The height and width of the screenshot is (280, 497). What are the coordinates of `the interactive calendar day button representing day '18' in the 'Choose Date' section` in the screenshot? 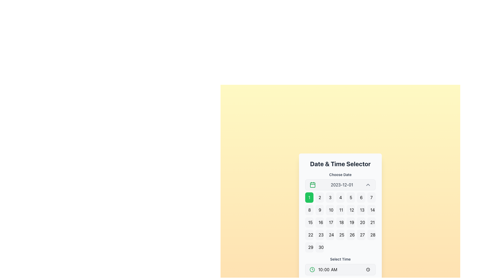 It's located at (340, 222).